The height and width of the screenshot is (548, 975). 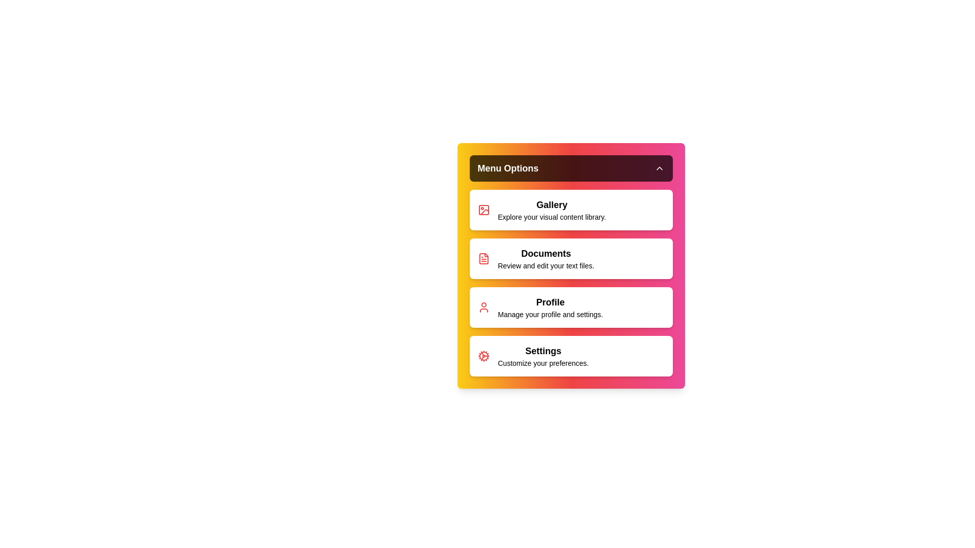 I want to click on the menu item Settings to select it, so click(x=571, y=356).